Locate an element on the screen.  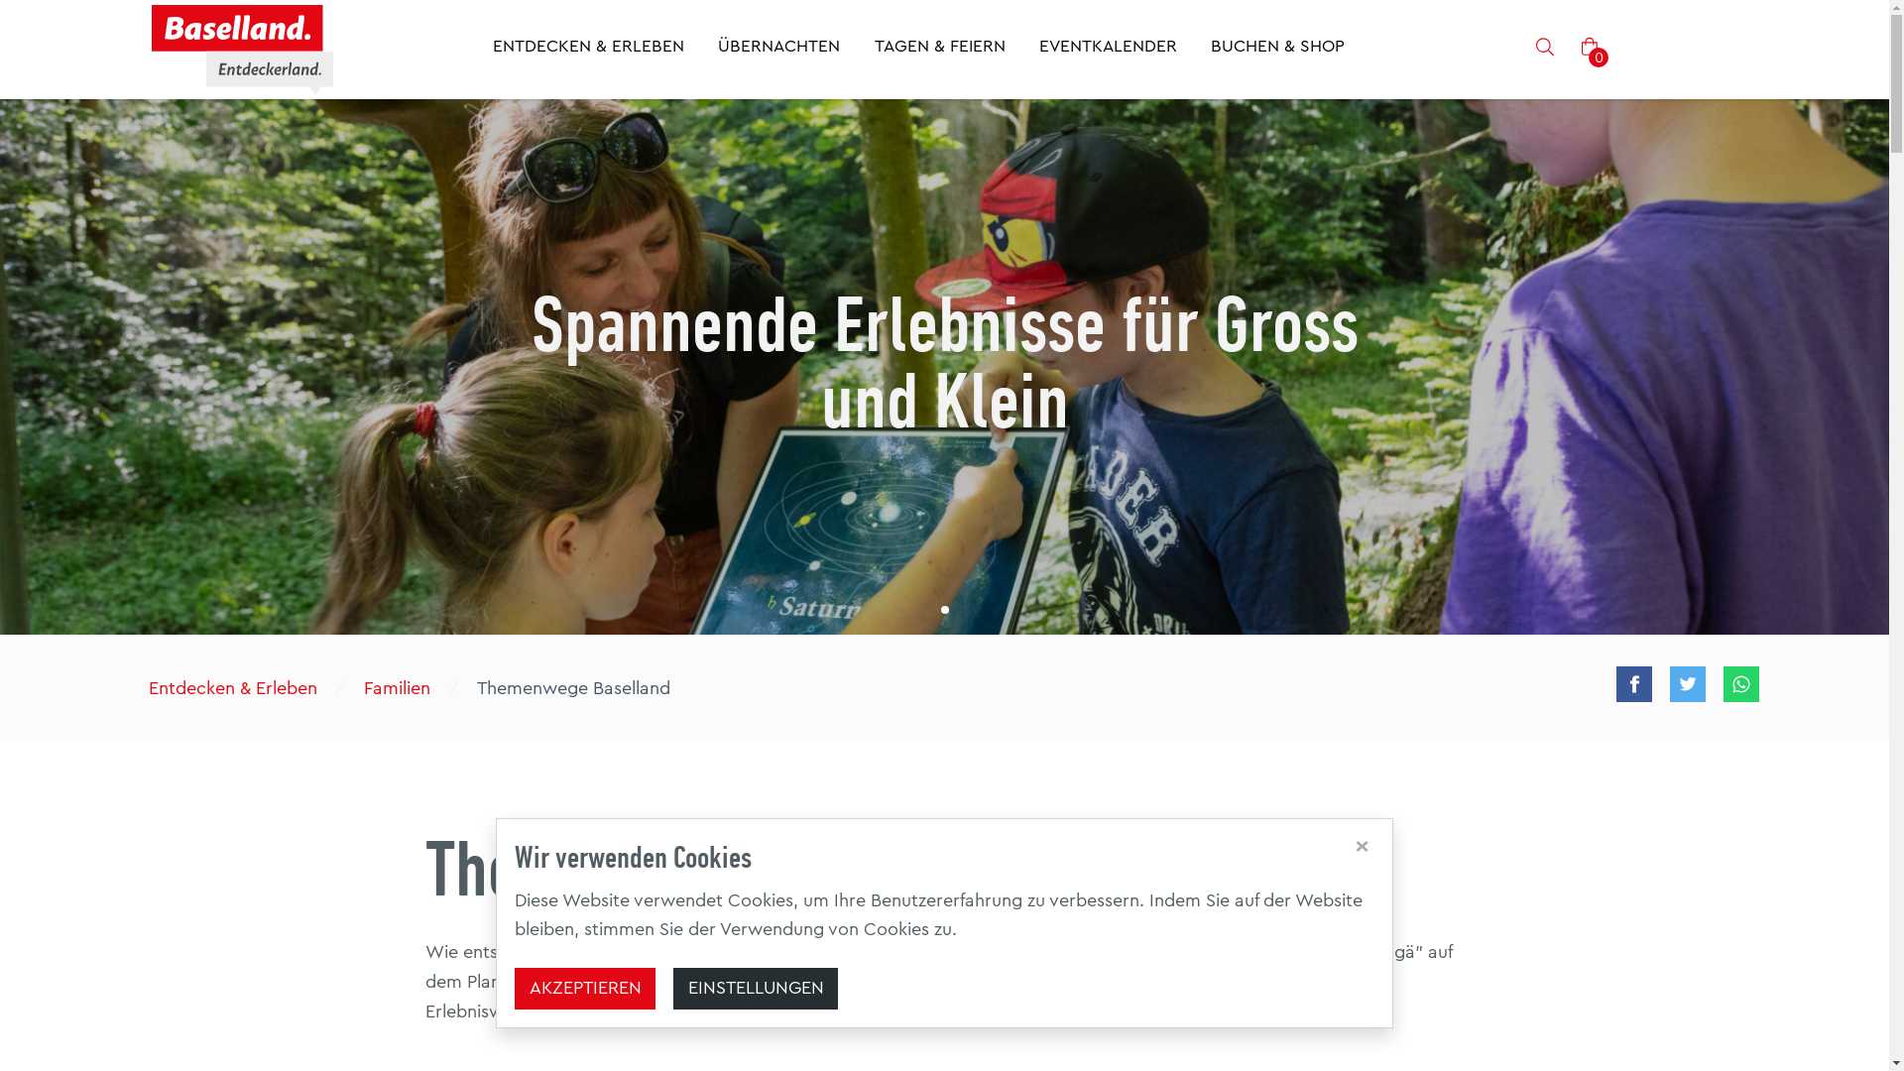
'EVENTKALENDER' is located at coordinates (1107, 49).